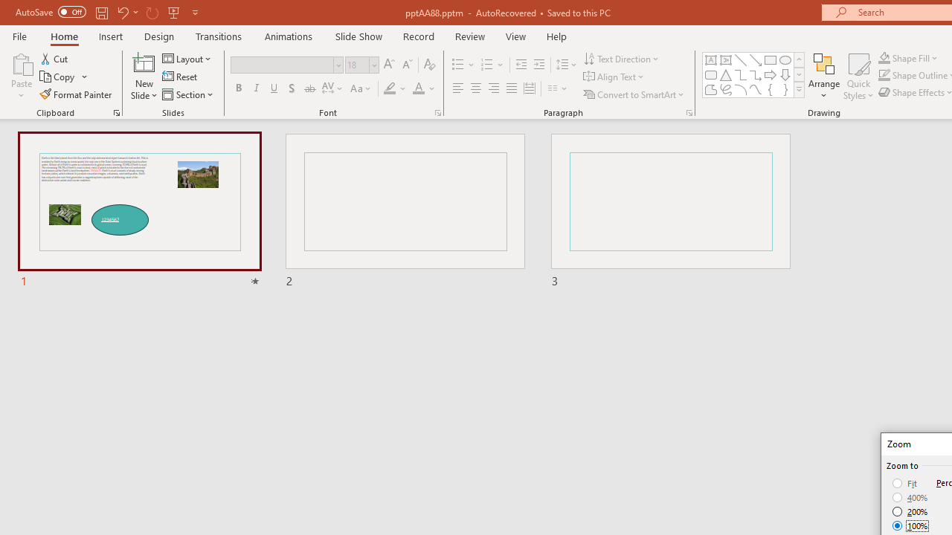 This screenshot has height=535, width=952. What do you see at coordinates (884, 57) in the screenshot?
I see `'Shape Fill Aqua, Accent 2'` at bounding box center [884, 57].